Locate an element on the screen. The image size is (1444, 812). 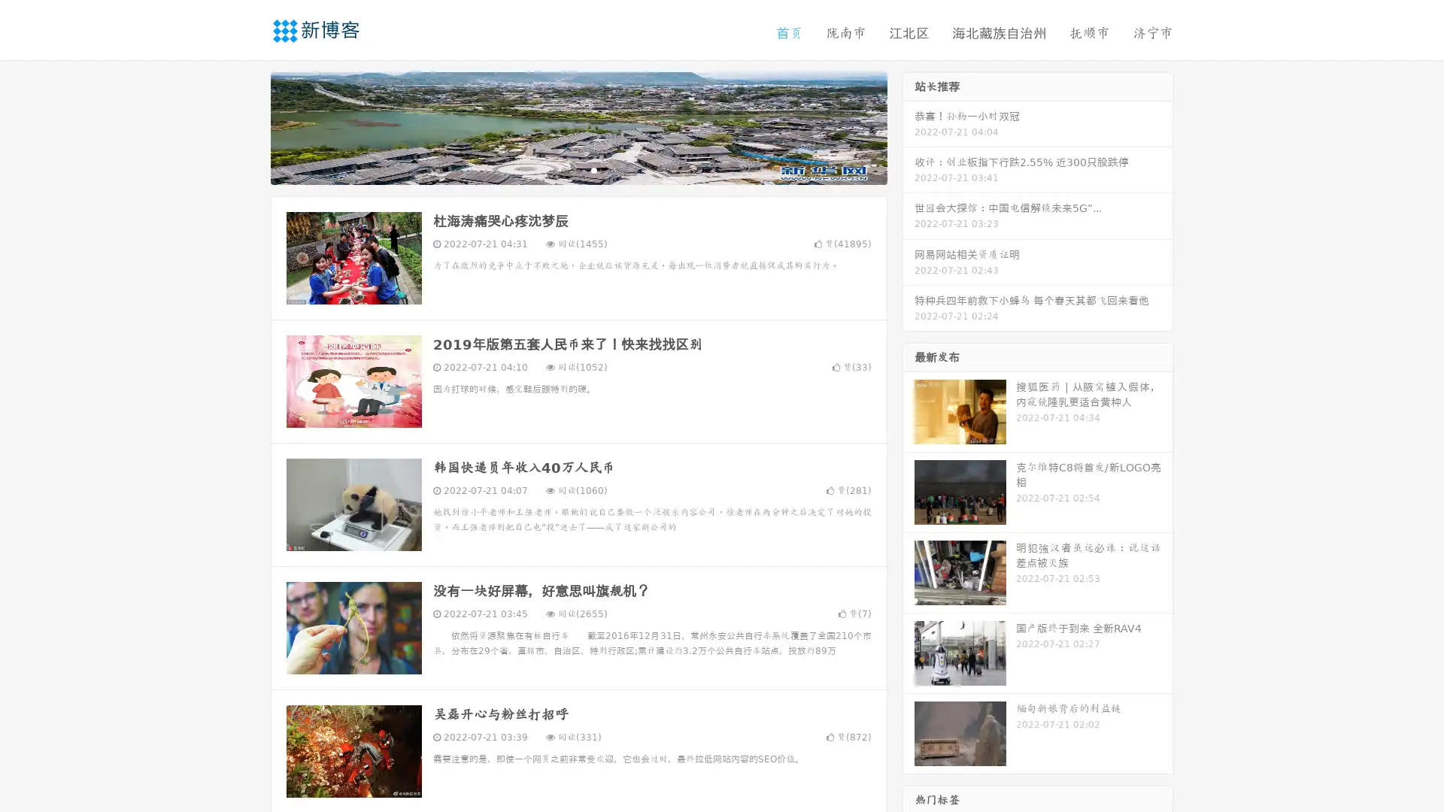
Go to slide 2 is located at coordinates (578, 169).